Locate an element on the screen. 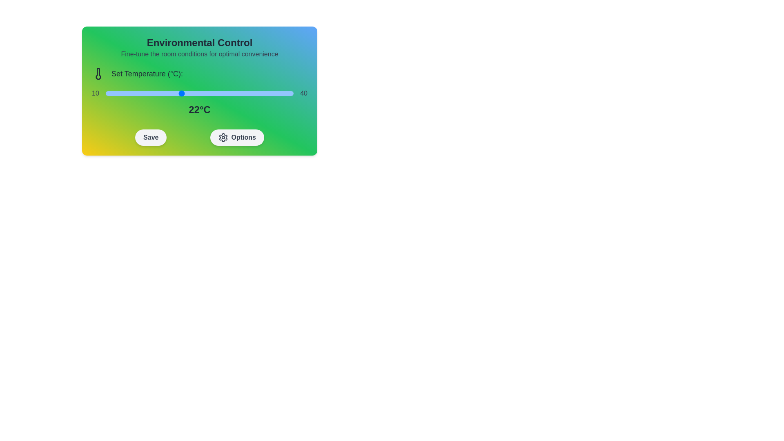 The image size is (784, 441). the gear icon is located at coordinates (223, 137).